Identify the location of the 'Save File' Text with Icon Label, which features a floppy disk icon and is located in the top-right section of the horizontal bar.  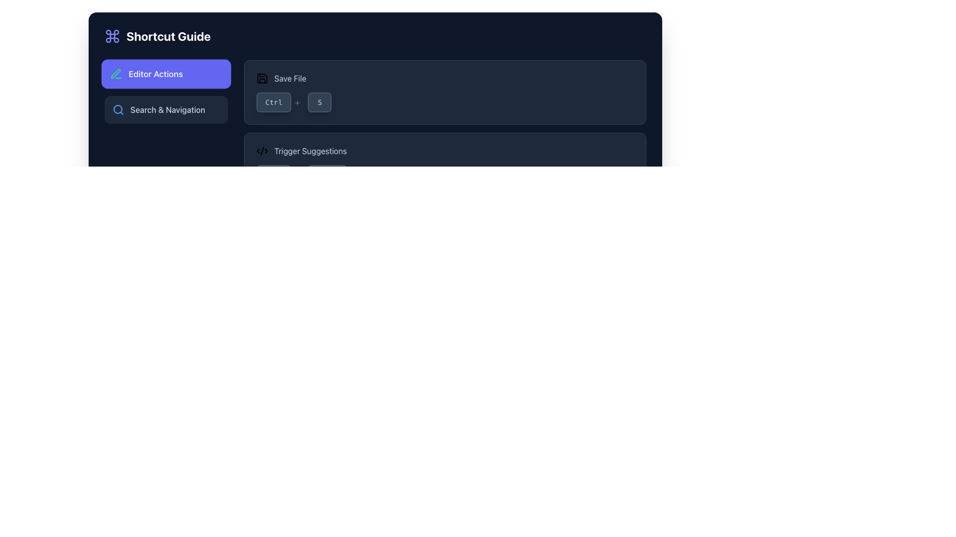
(281, 78).